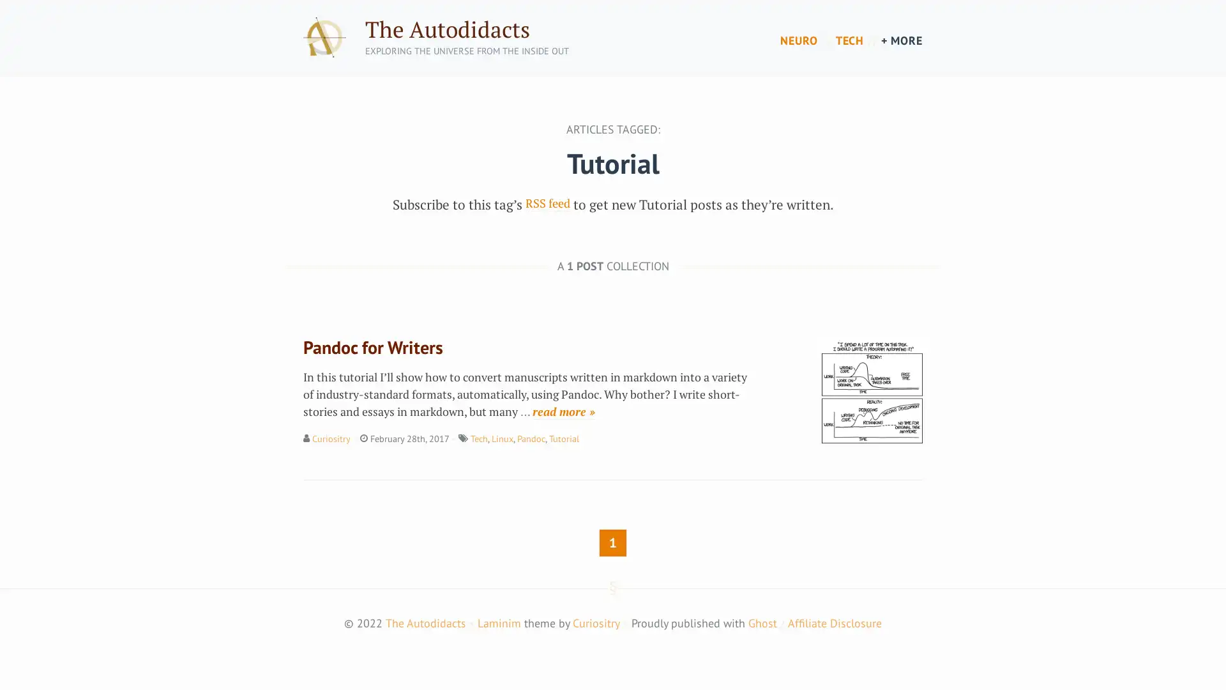 This screenshot has width=1226, height=690. Describe the element at coordinates (900, 39) in the screenshot. I see `+ MORE` at that location.